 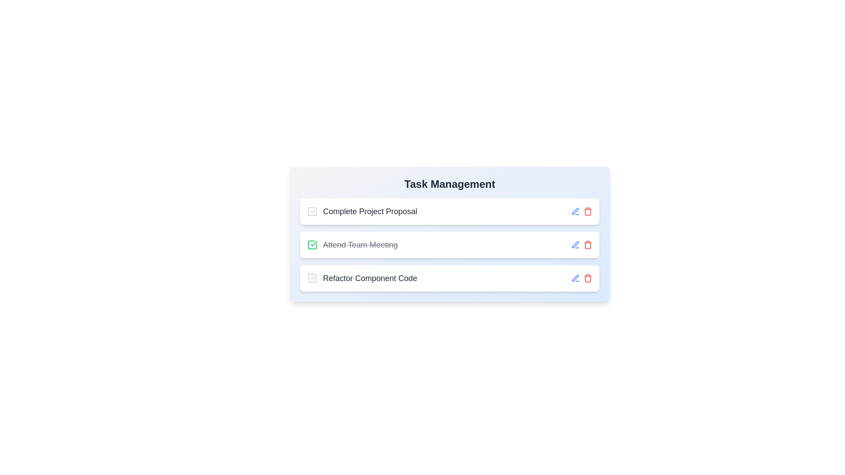 What do you see at coordinates (312, 245) in the screenshot?
I see `the graphical icon representing the completion status of the 'Attend Team Meeting' task` at bounding box center [312, 245].